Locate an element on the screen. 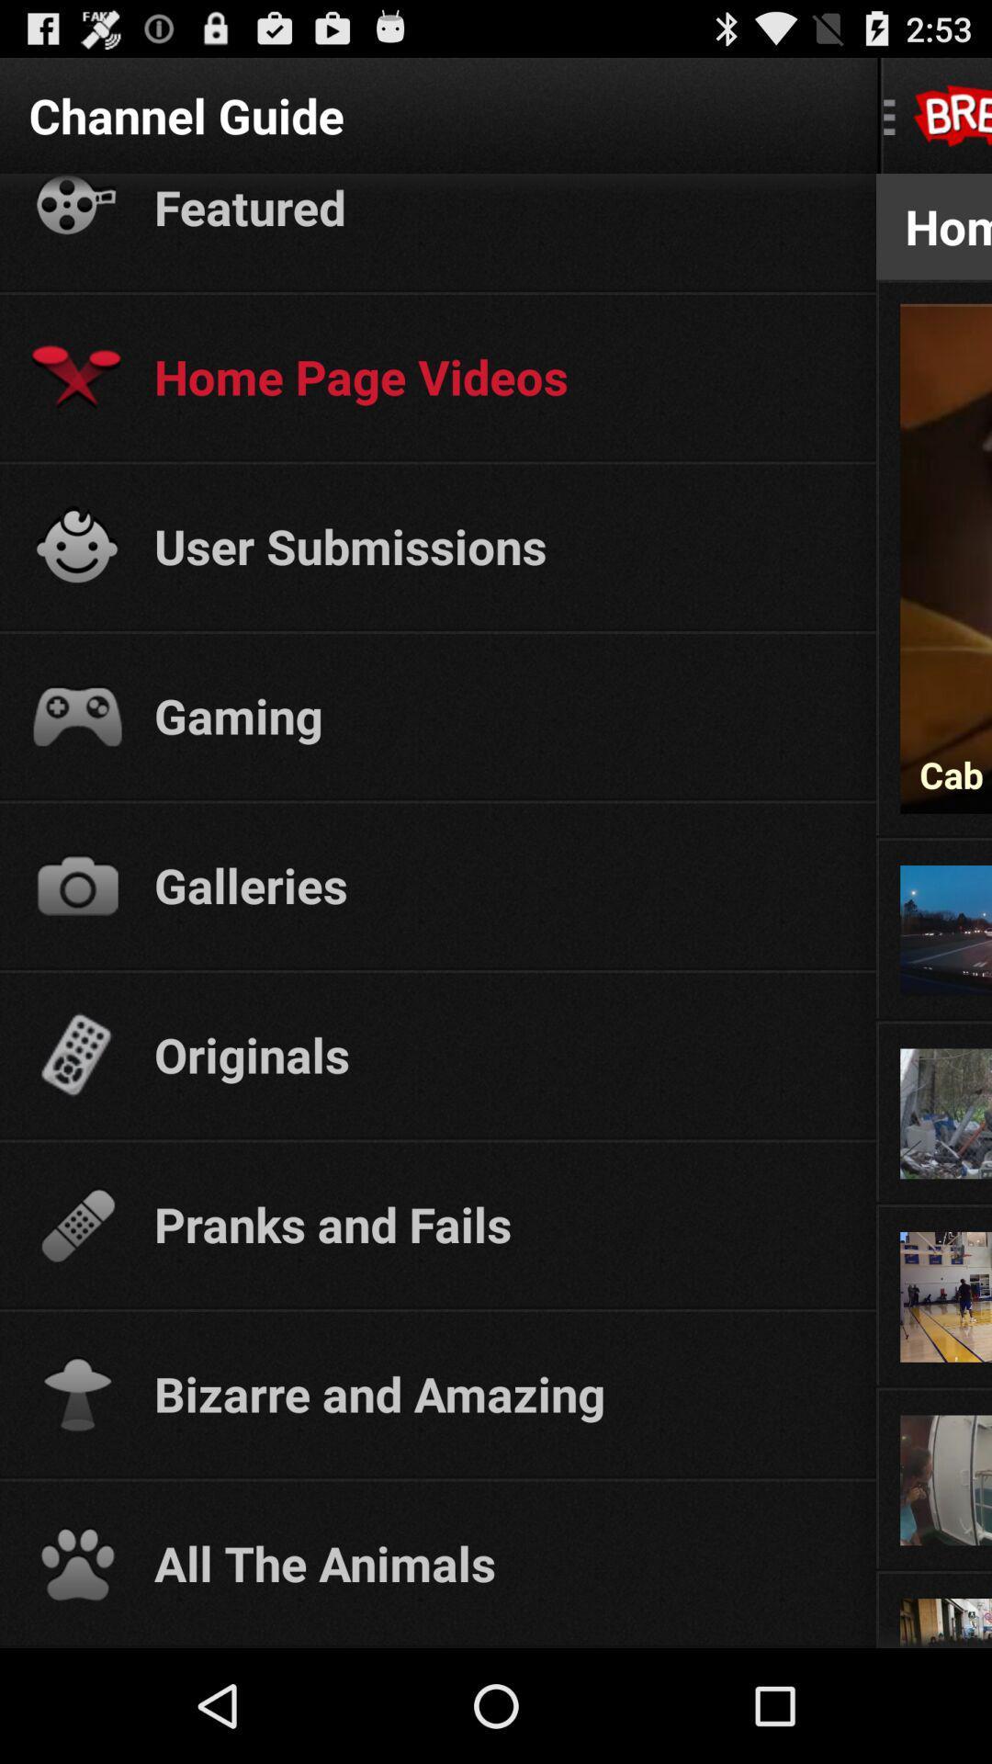  item next to the all the animals item is located at coordinates (934, 1568).